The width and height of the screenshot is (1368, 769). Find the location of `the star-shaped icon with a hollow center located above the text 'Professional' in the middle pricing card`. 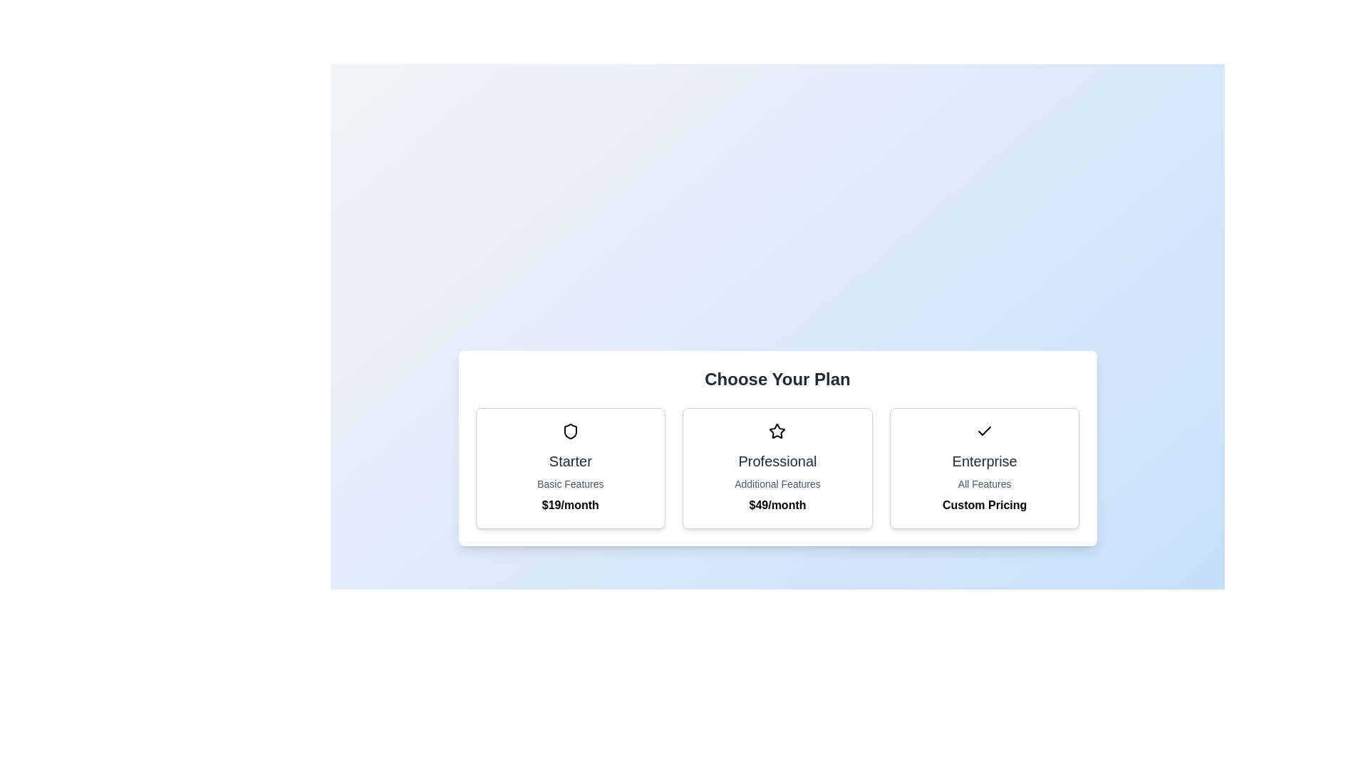

the star-shaped icon with a hollow center located above the text 'Professional' in the middle pricing card is located at coordinates (777, 430).